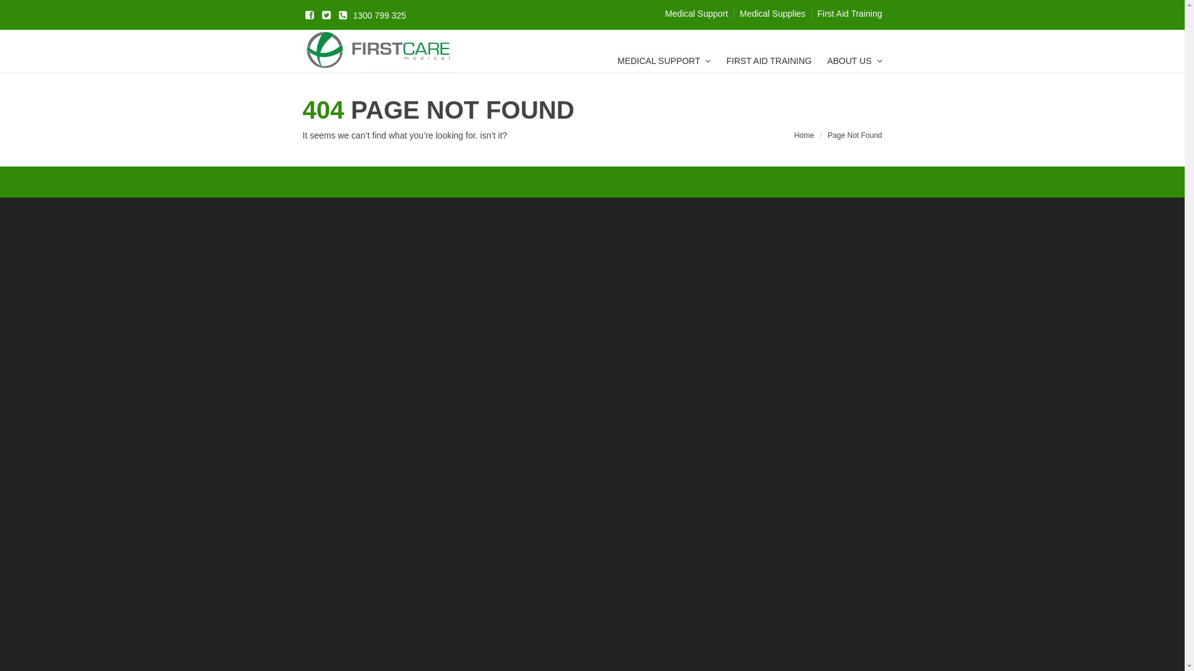 The height and width of the screenshot is (671, 1194). What do you see at coordinates (803, 134) in the screenshot?
I see `'Home'` at bounding box center [803, 134].